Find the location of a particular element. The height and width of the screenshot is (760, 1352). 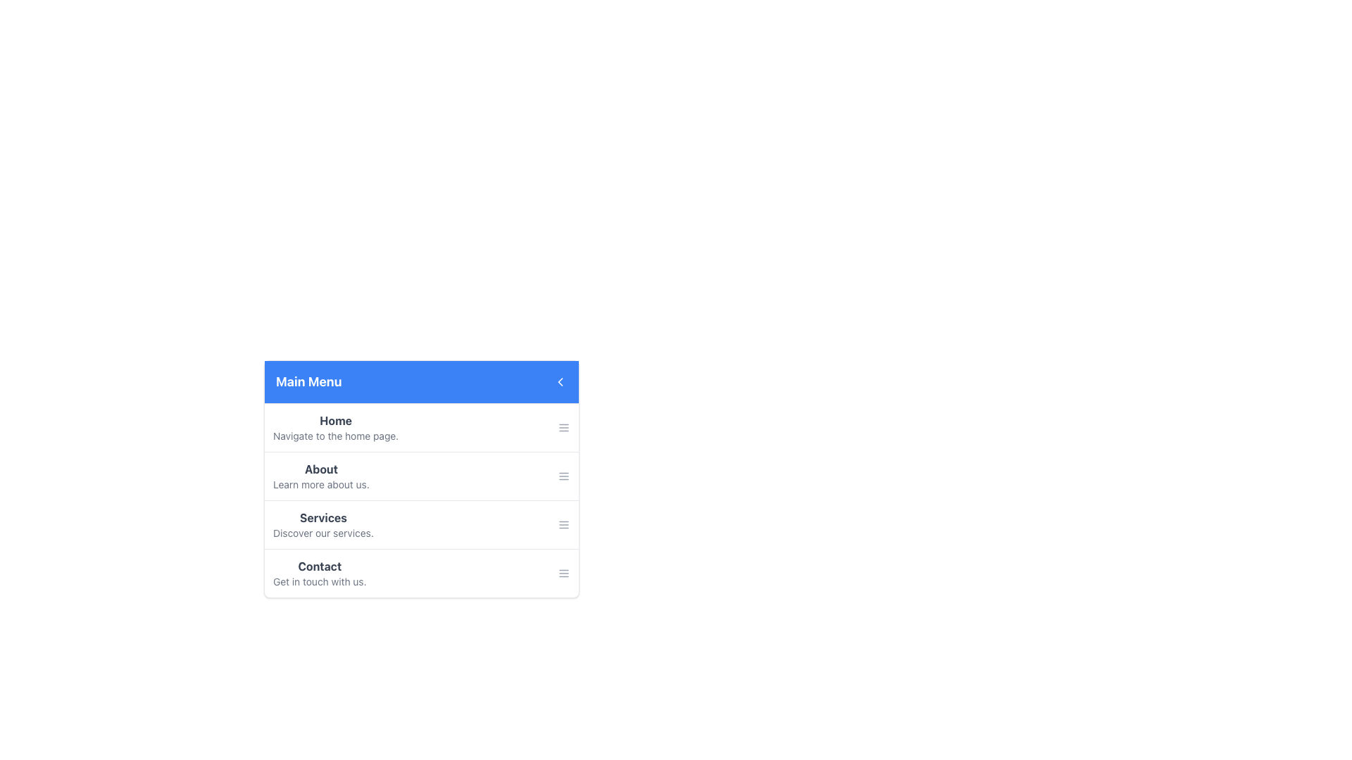

the supplementary information text label located under the 'About' item in the 'Main Menu' list, which describes the purpose of the section is located at coordinates (320, 484).